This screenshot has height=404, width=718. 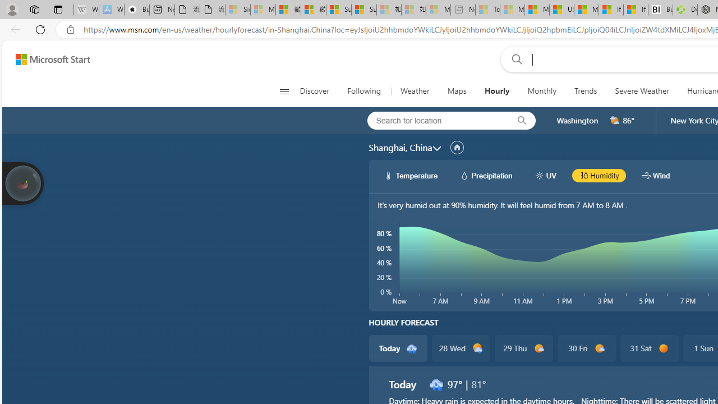 What do you see at coordinates (436, 148) in the screenshot?
I see `'common/carouselChevron'` at bounding box center [436, 148].